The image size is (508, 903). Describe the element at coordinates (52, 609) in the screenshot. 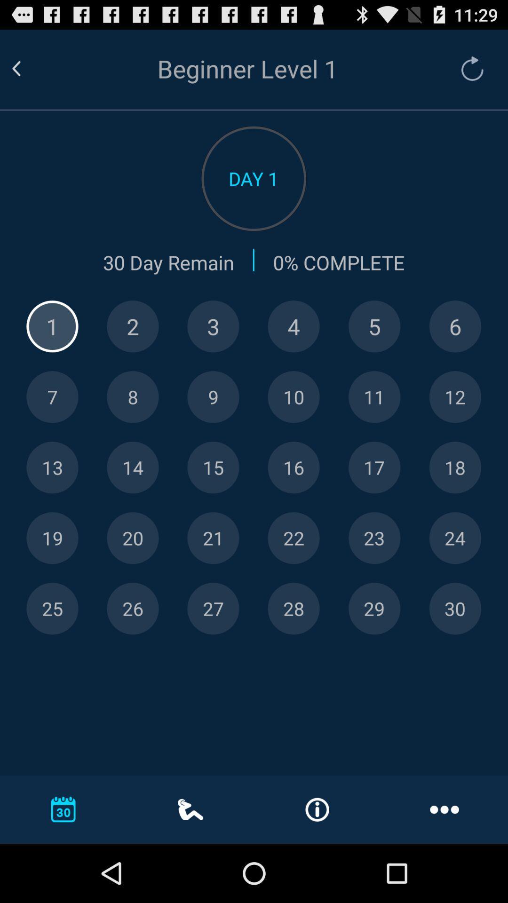

I see `number` at that location.